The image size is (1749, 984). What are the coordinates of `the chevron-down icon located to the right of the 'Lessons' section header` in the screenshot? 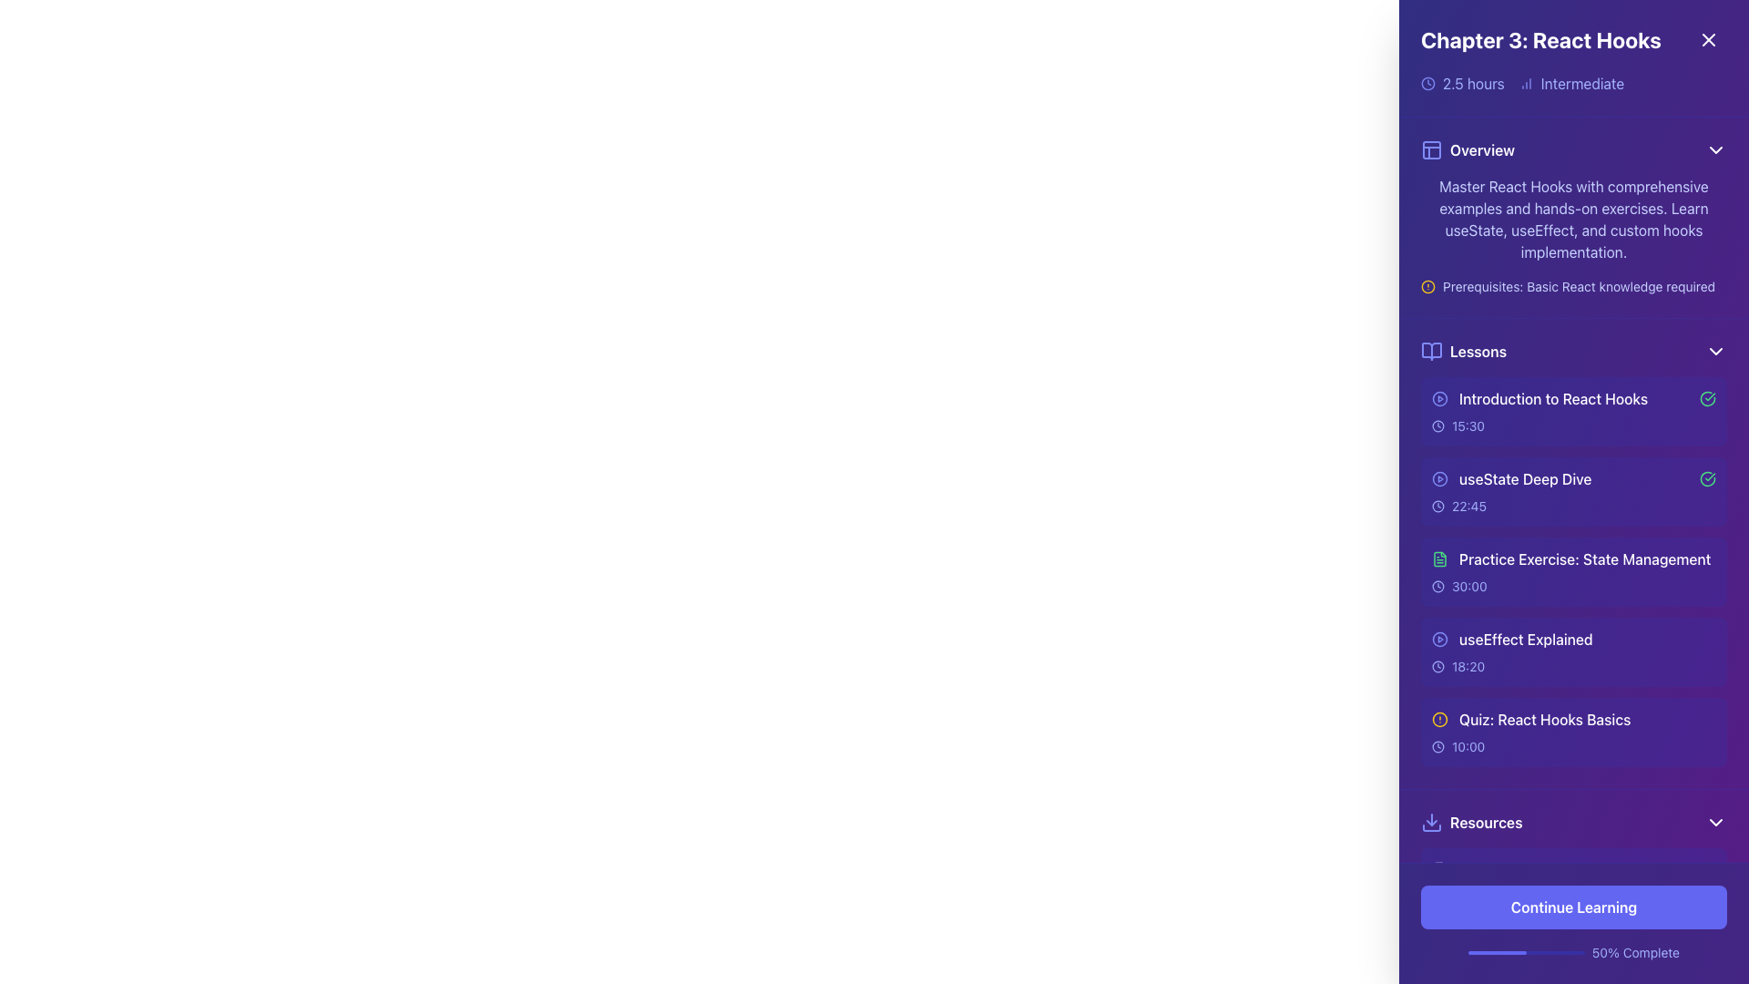 It's located at (1714, 351).